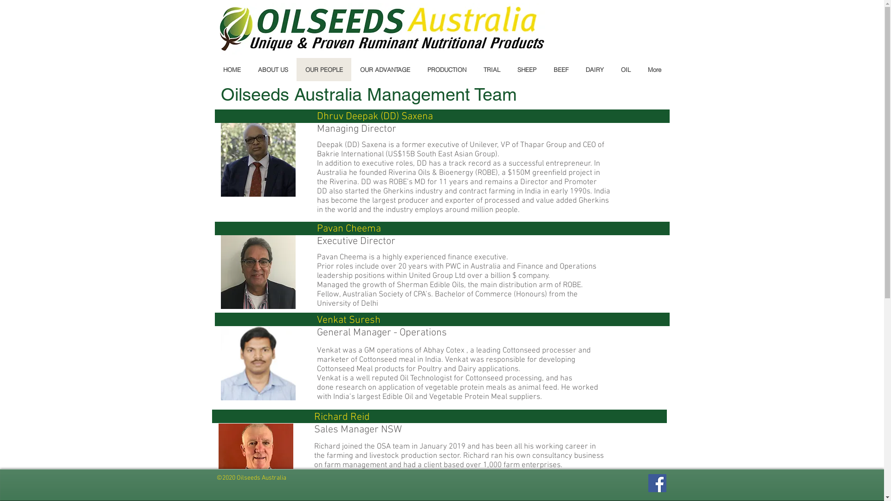  Describe the element at coordinates (446, 69) in the screenshot. I see `'PRODUCTION'` at that location.